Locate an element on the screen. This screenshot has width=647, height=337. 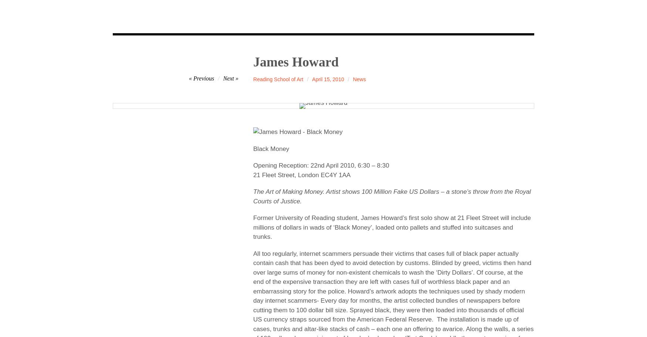
'The Art of Making Money. Artist shows 100 Million Fake US Dollars – a stone’s throw from the Royal Courts of Justice.' is located at coordinates (392, 196).